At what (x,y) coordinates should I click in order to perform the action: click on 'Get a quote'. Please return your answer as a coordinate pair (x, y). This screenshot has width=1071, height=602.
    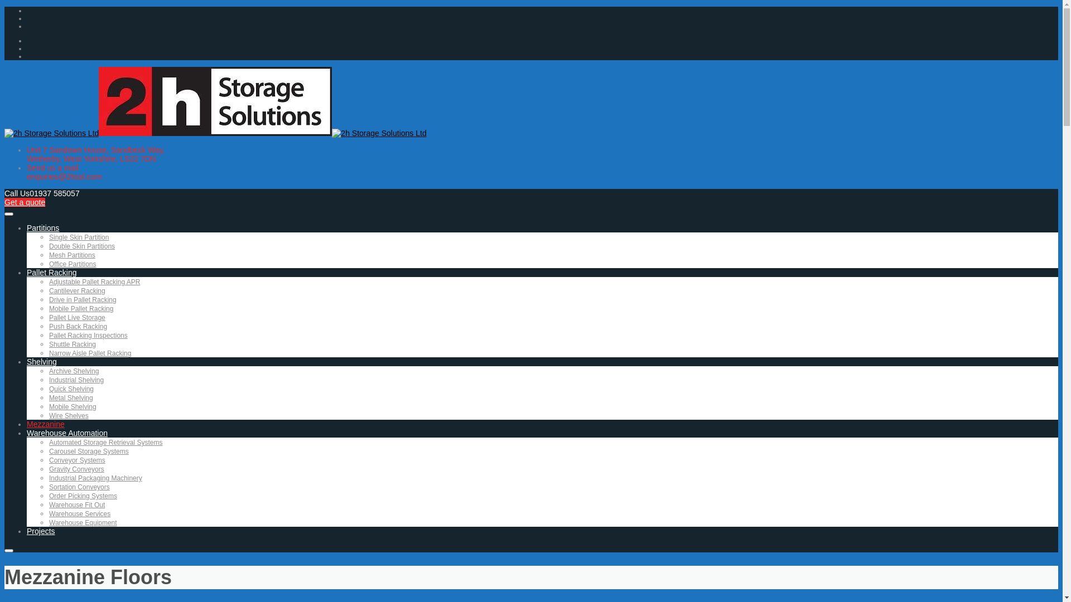
    Looking at the image, I should click on (25, 202).